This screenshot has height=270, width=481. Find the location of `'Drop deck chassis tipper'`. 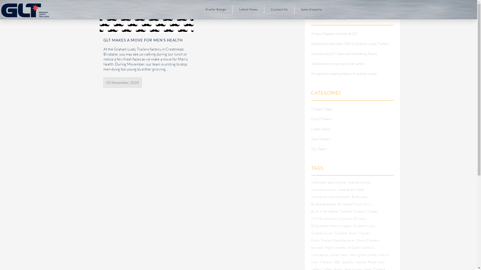

'Drop deck chassis tipper' is located at coordinates (332, 225).